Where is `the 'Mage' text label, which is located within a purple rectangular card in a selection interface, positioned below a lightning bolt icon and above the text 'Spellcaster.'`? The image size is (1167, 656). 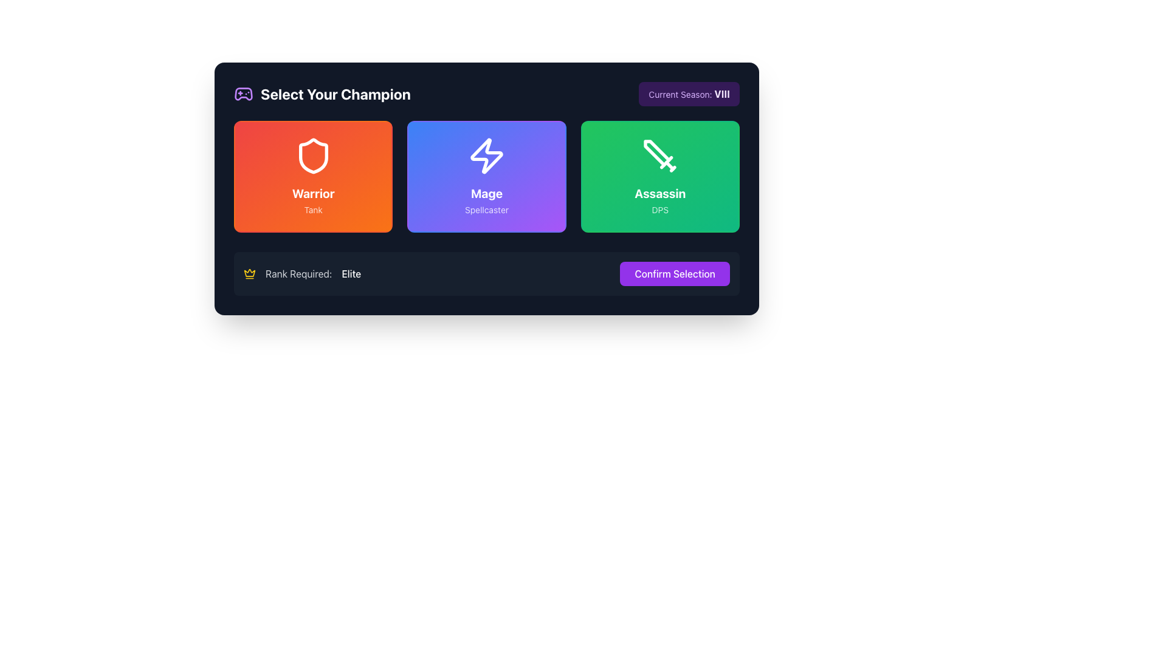
the 'Mage' text label, which is located within a purple rectangular card in a selection interface, positioned below a lightning bolt icon and above the text 'Spellcaster.' is located at coordinates (487, 193).